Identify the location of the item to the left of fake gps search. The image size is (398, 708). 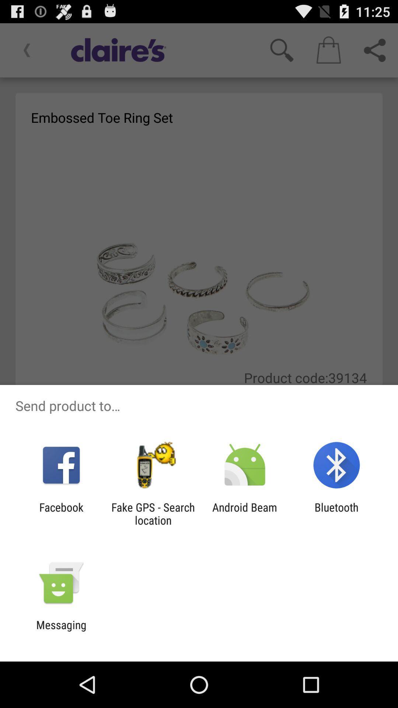
(61, 513).